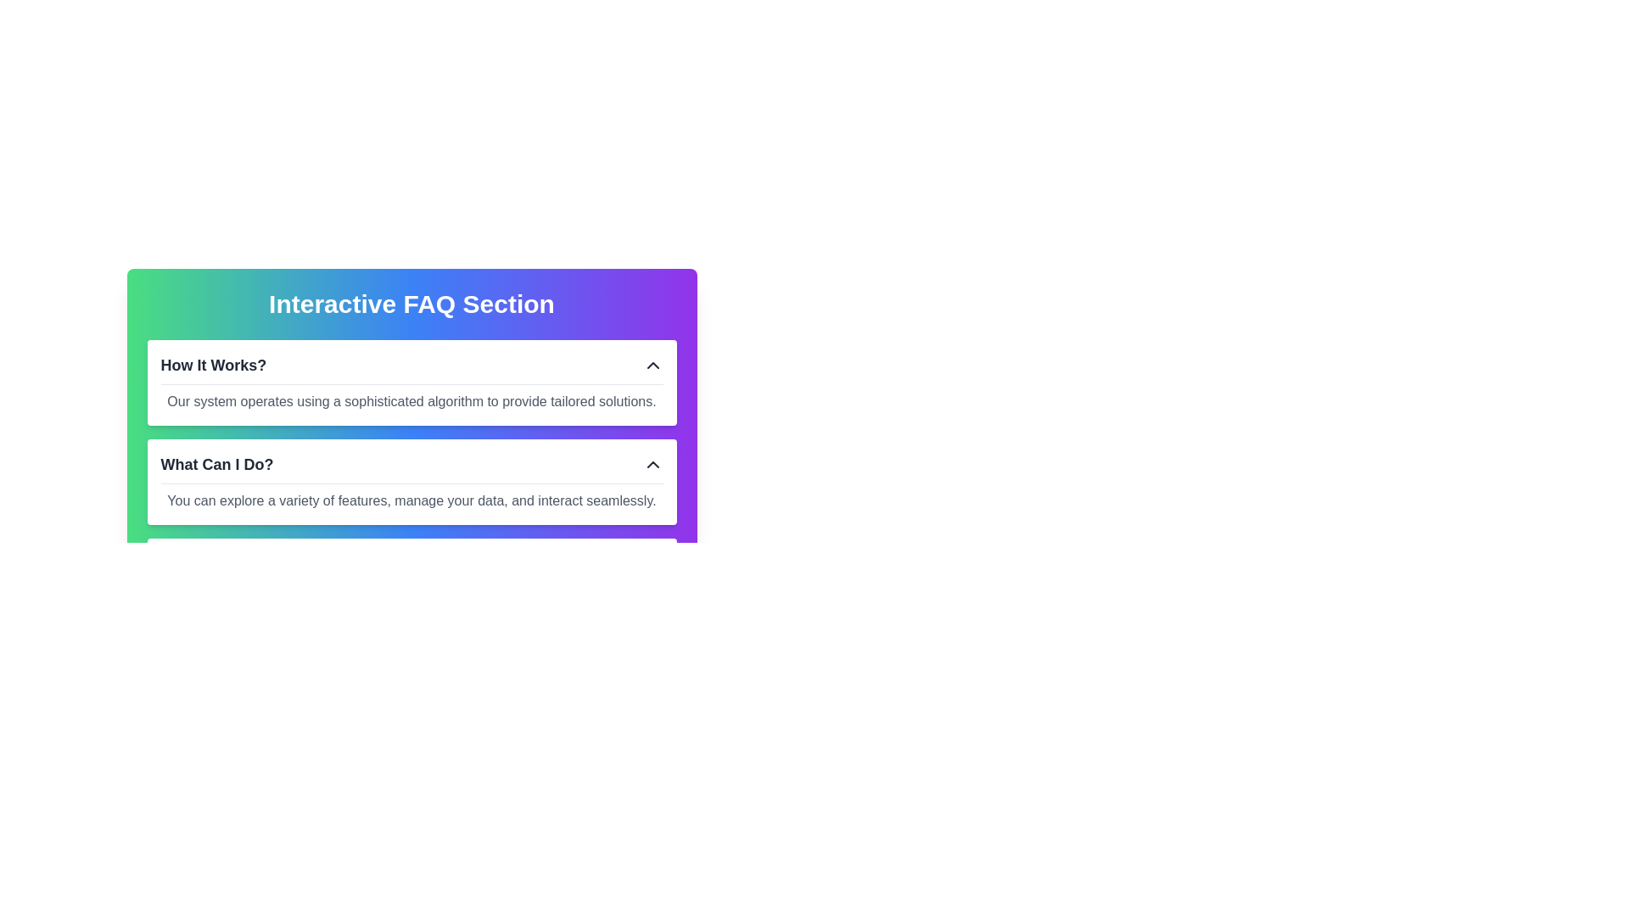 The image size is (1629, 916). Describe the element at coordinates (411, 383) in the screenshot. I see `description of the Collapsible FAQ section labeled 'How It Works?' which is the first section below the 'Interactive FAQ Section'` at that location.